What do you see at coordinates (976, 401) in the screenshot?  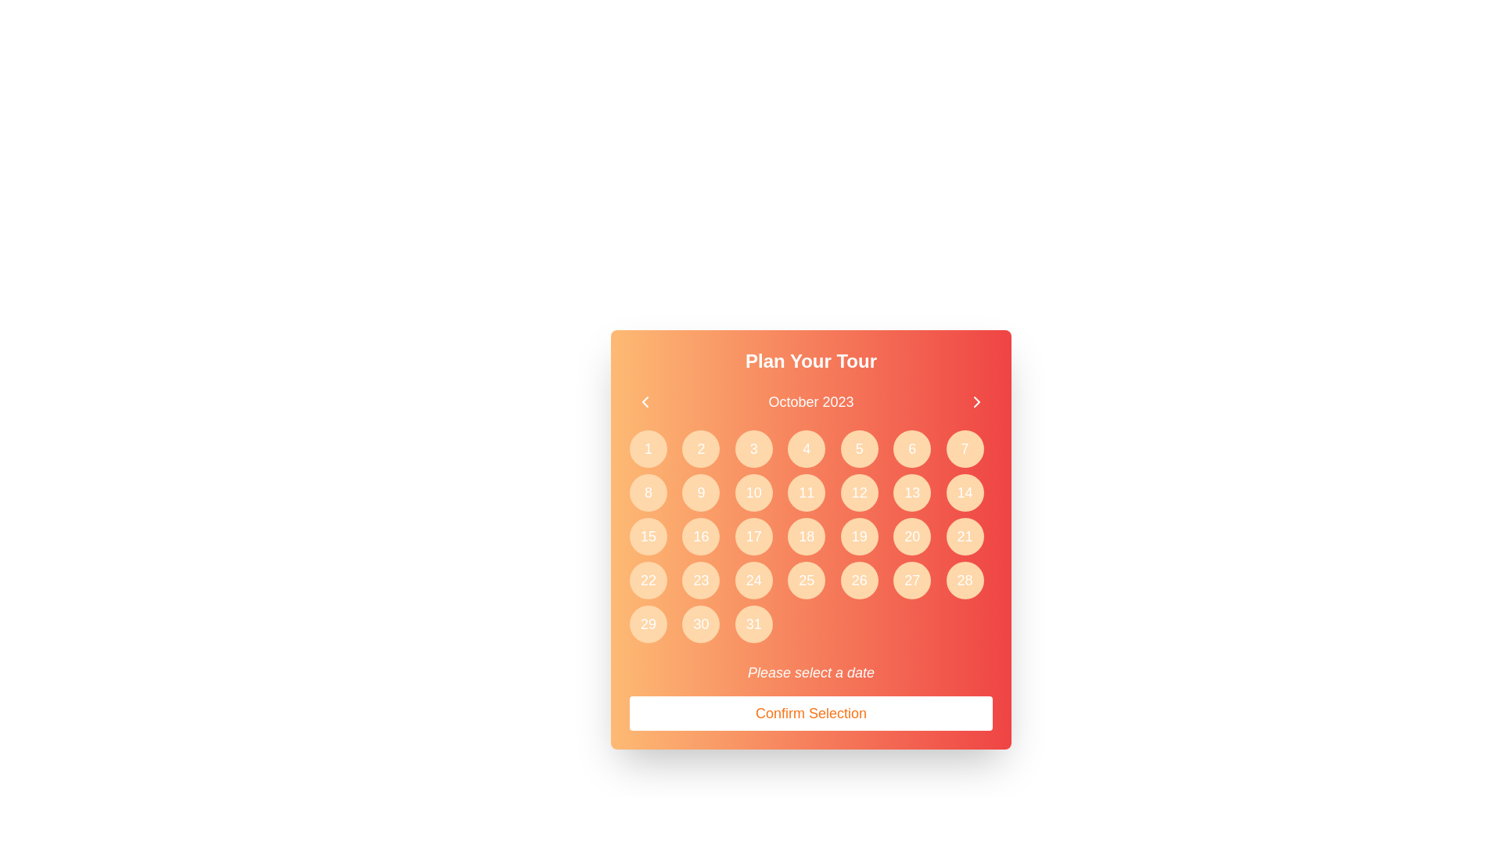 I see `the navigation button located at the far right of the header section displaying 'October 2023'` at bounding box center [976, 401].